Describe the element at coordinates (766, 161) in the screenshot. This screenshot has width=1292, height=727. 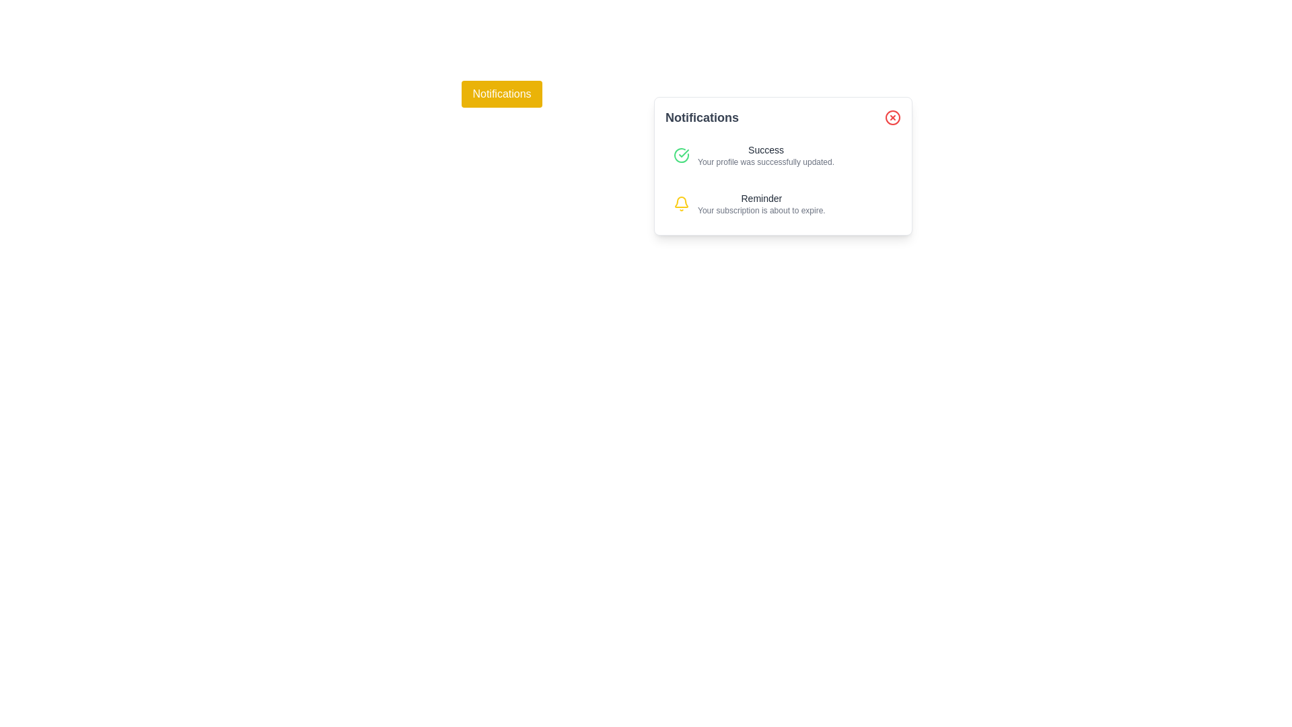
I see `the feedback text element that indicates a successful profile update, located below the 'Success' text in the notification component` at that location.